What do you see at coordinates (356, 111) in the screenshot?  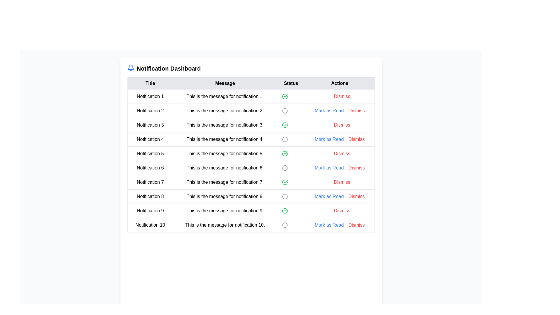 I see `the 'Dismiss' textual button styled in red font located in the 'Actions' column of the notification dashboard, specifically in the 'Notification 2' row, to underline the text` at bounding box center [356, 111].